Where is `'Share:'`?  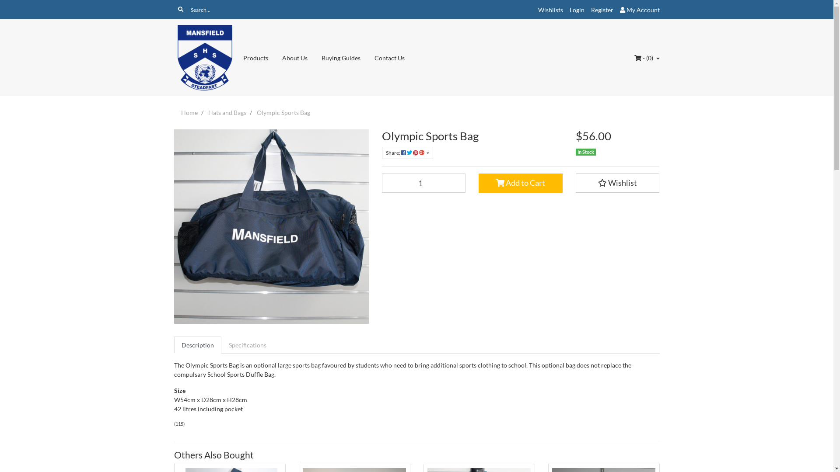 'Share:' is located at coordinates (406, 153).